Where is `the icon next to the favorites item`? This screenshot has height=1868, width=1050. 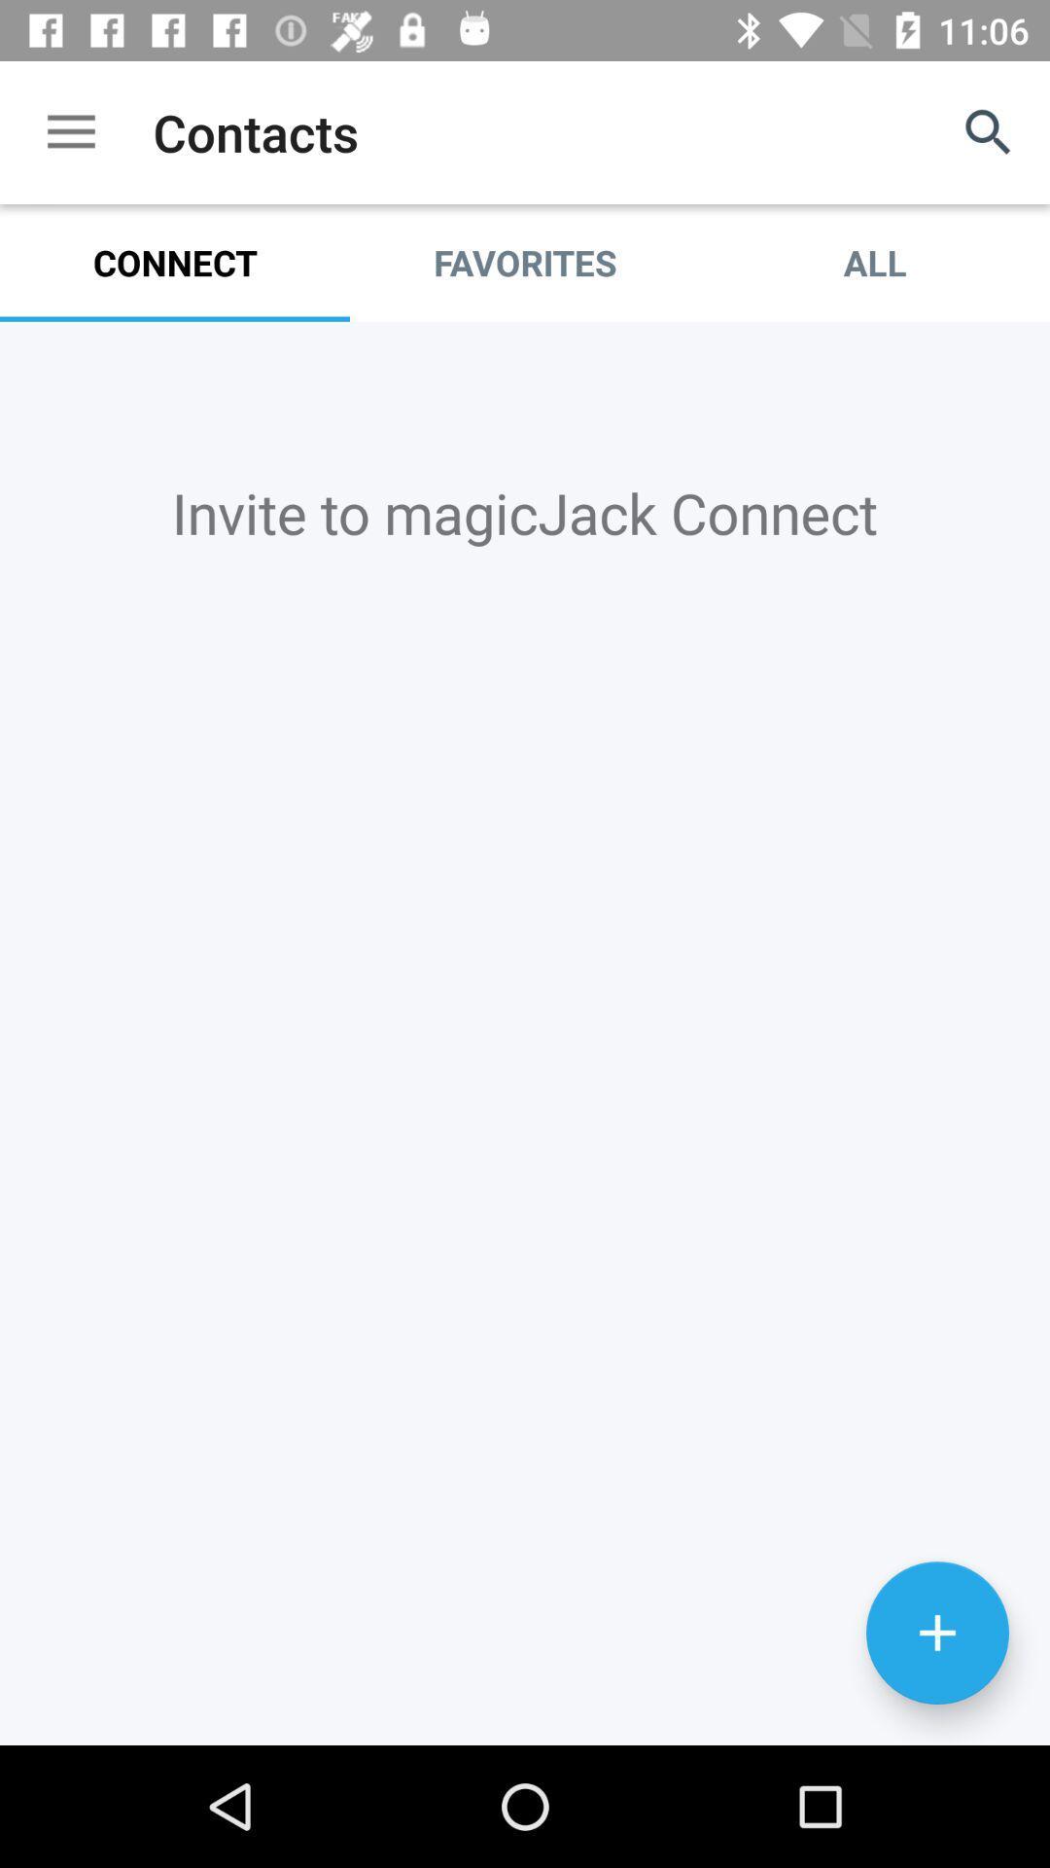 the icon next to the favorites item is located at coordinates (989, 131).